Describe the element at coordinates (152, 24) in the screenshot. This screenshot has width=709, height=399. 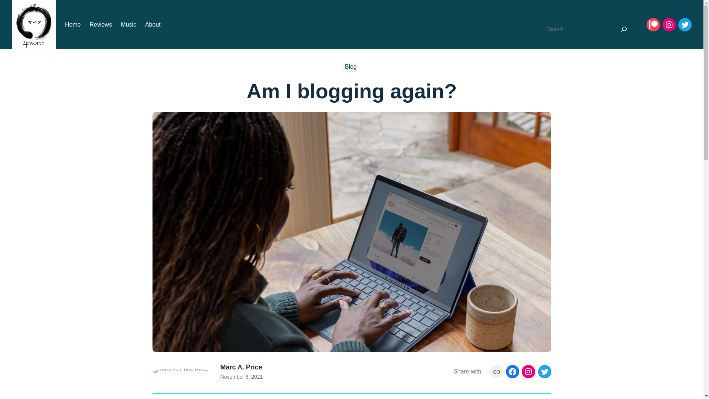
I see `'About'` at that location.